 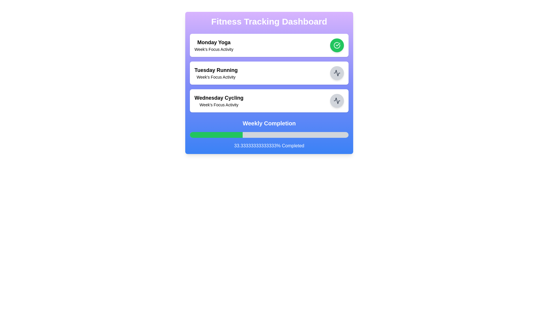 What do you see at coordinates (214, 49) in the screenshot?
I see `the descriptive text label located beneath the bold 'Monday Yoga' text in the first activity card` at bounding box center [214, 49].